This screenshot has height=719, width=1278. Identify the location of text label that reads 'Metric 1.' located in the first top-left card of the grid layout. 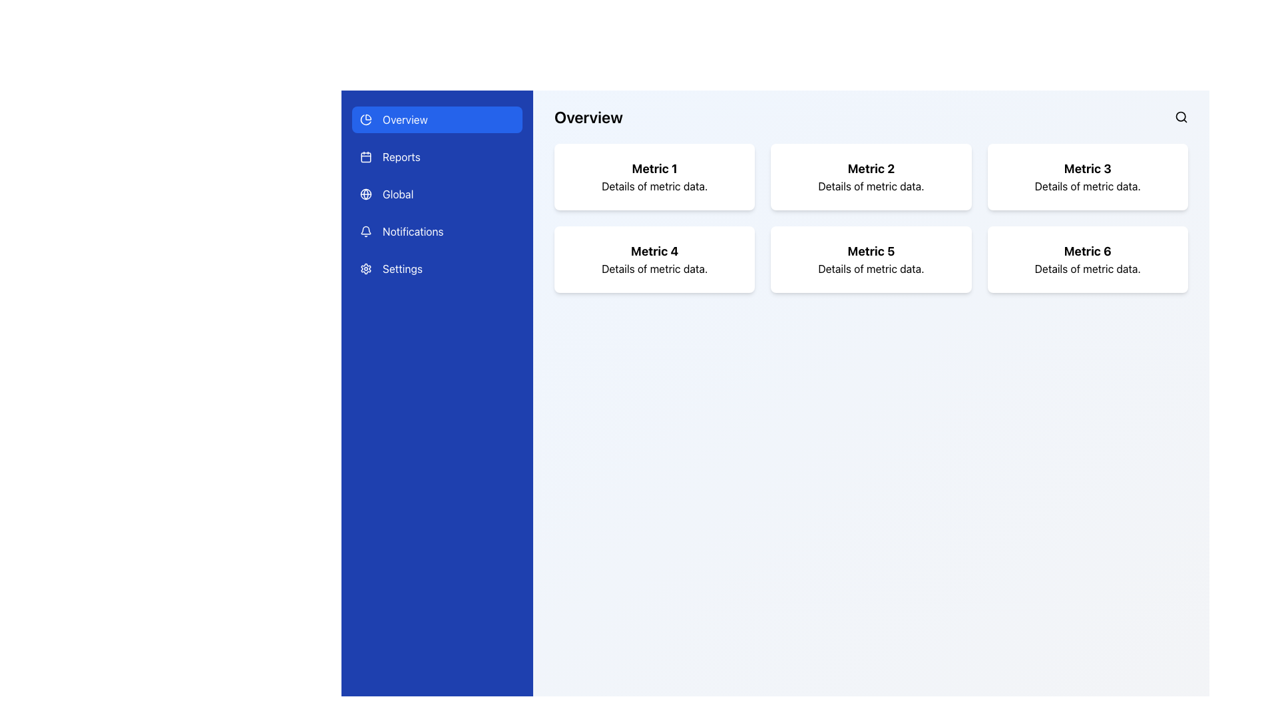
(654, 168).